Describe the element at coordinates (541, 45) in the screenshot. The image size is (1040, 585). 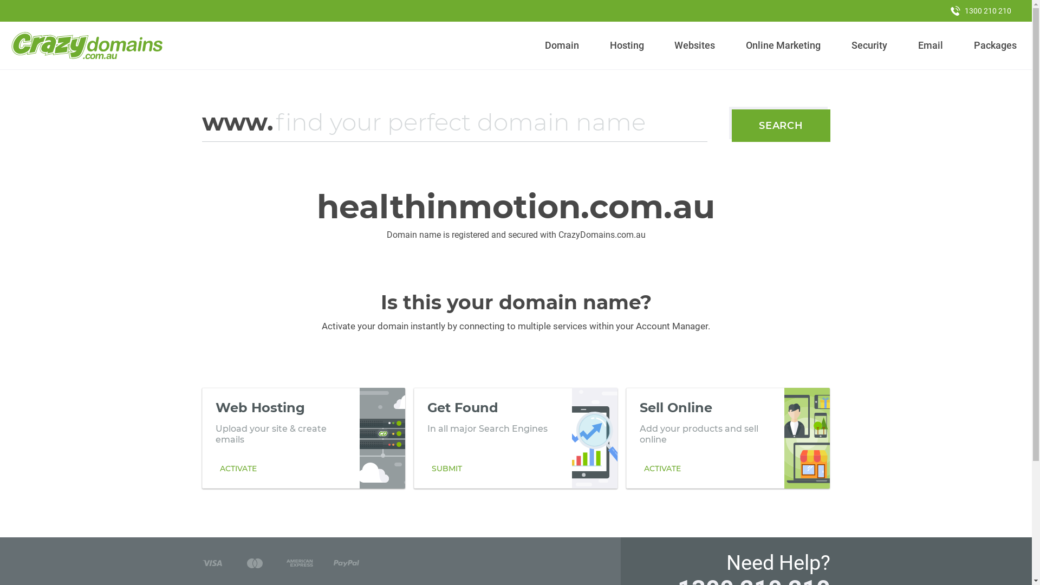
I see `'Domain'` at that location.